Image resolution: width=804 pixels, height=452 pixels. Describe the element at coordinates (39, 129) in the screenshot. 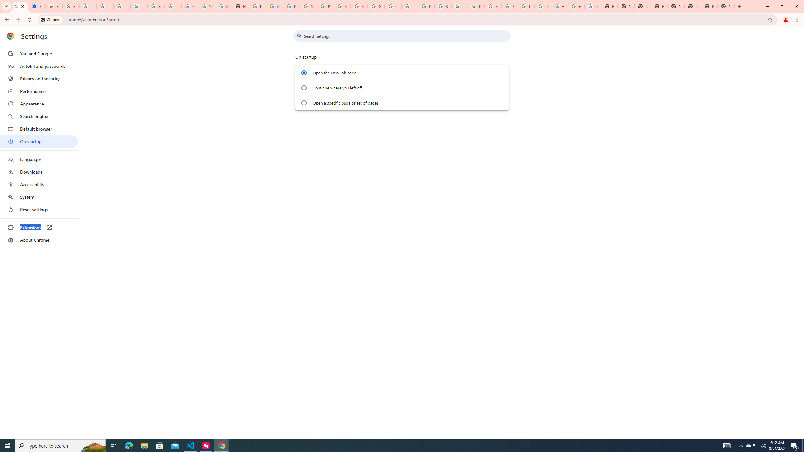

I see `'Default browser'` at that location.